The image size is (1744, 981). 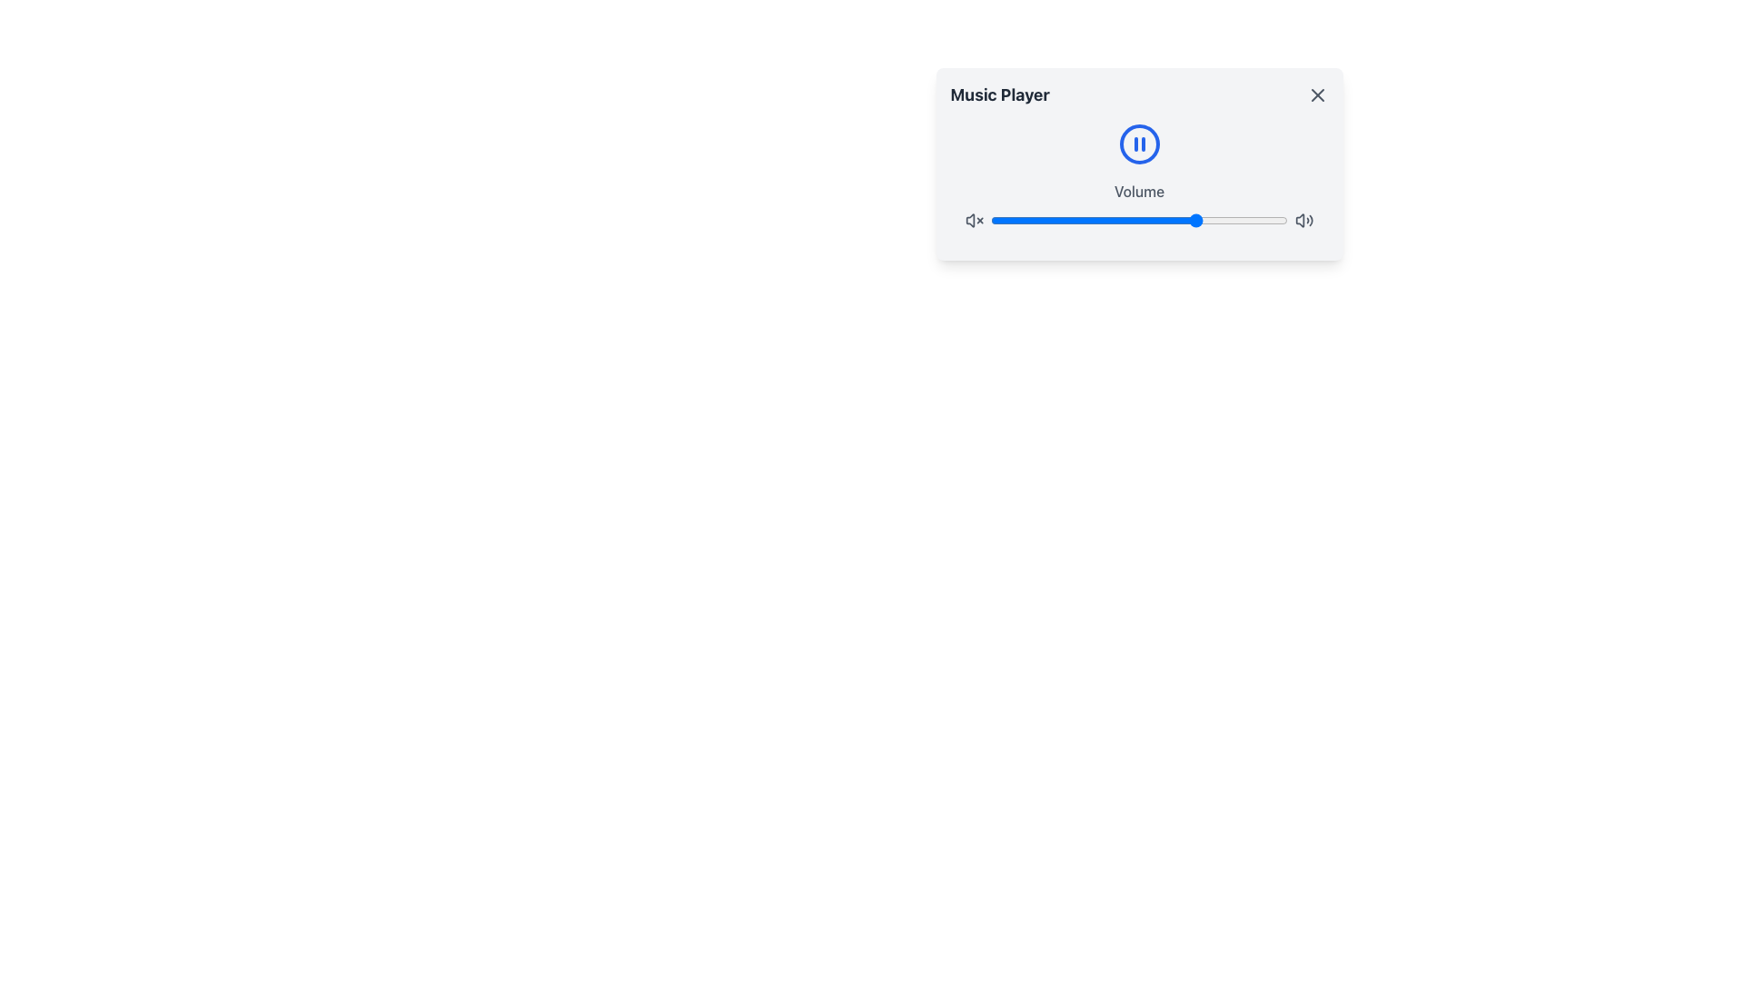 What do you see at coordinates (1303, 220) in the screenshot?
I see `the volume settings icon, which is the last icon on the right in the group of controls below the music player title and playback controls` at bounding box center [1303, 220].